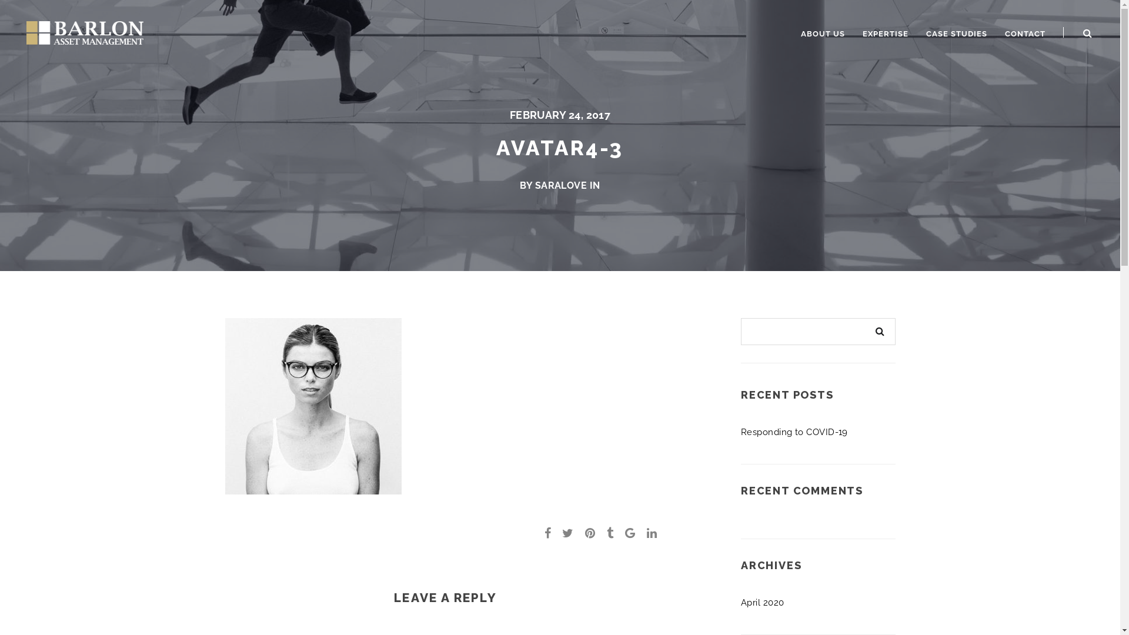  Describe the element at coordinates (84, 31) in the screenshot. I see `'Barlon Asset Management'` at that location.